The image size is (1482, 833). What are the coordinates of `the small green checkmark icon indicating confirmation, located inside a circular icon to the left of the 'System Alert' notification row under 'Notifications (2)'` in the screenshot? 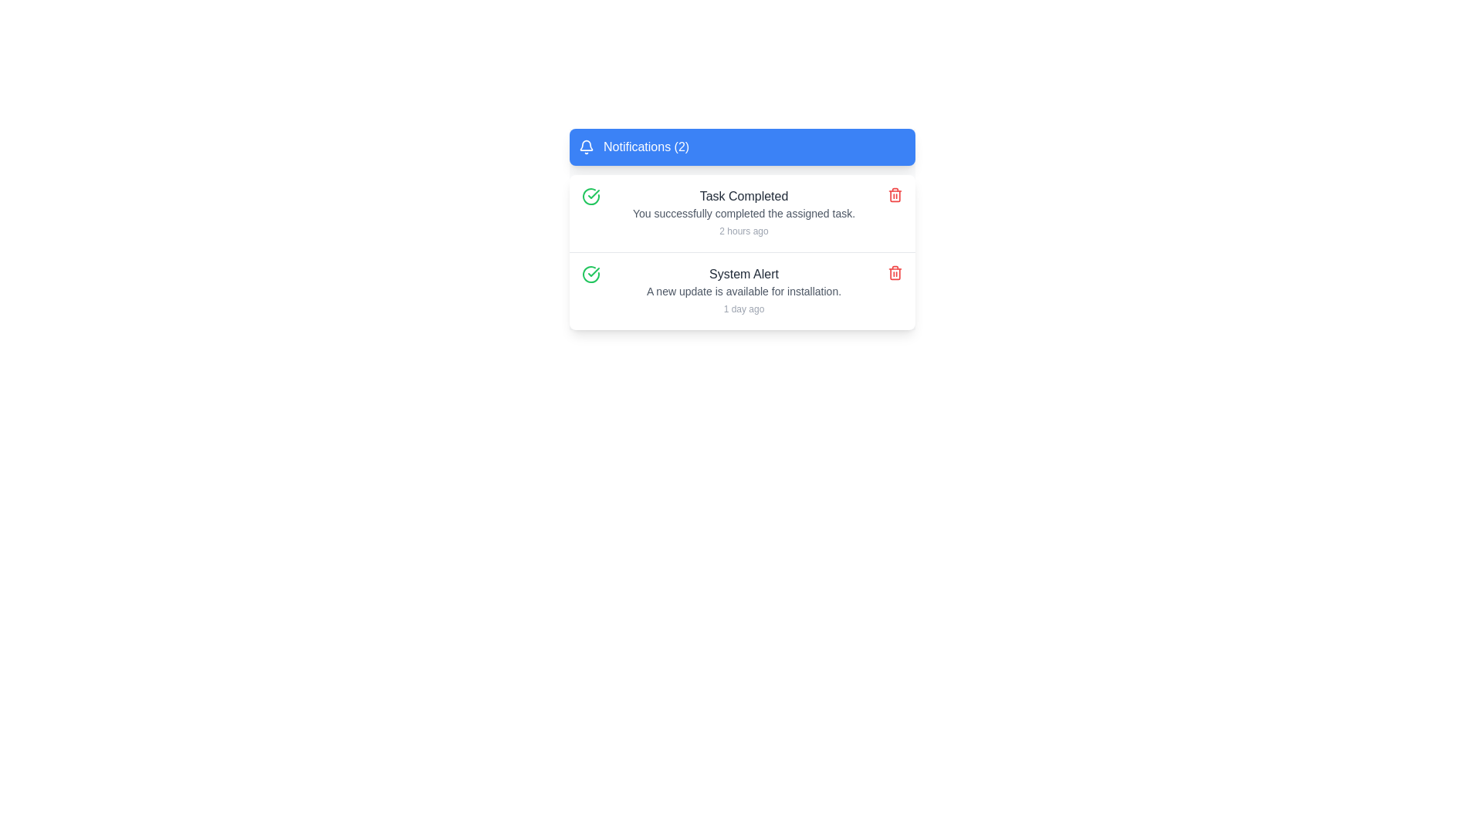 It's located at (593, 193).